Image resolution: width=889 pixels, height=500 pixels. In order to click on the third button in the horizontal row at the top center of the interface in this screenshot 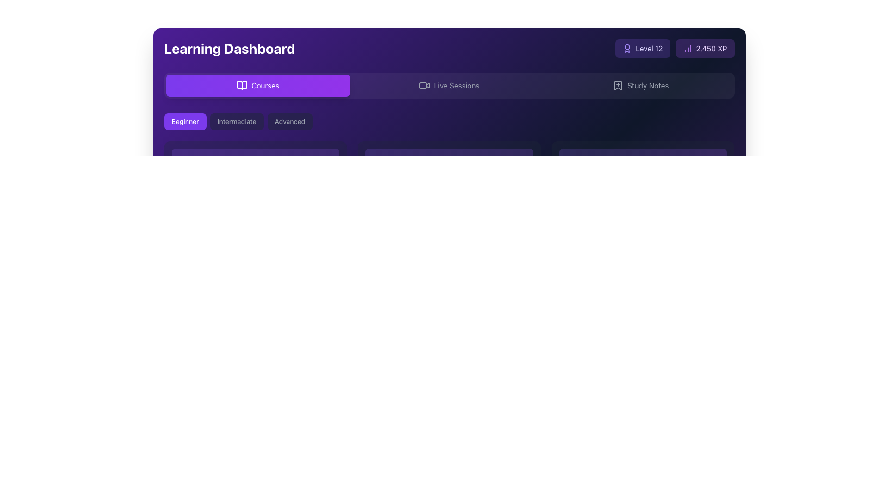, I will do `click(289, 121)`.